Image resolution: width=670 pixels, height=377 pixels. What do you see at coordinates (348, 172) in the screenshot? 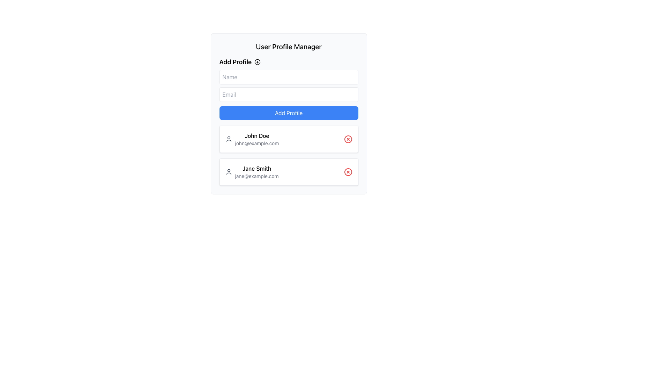
I see `the delete button associated with 'Jane Smith'` at bounding box center [348, 172].